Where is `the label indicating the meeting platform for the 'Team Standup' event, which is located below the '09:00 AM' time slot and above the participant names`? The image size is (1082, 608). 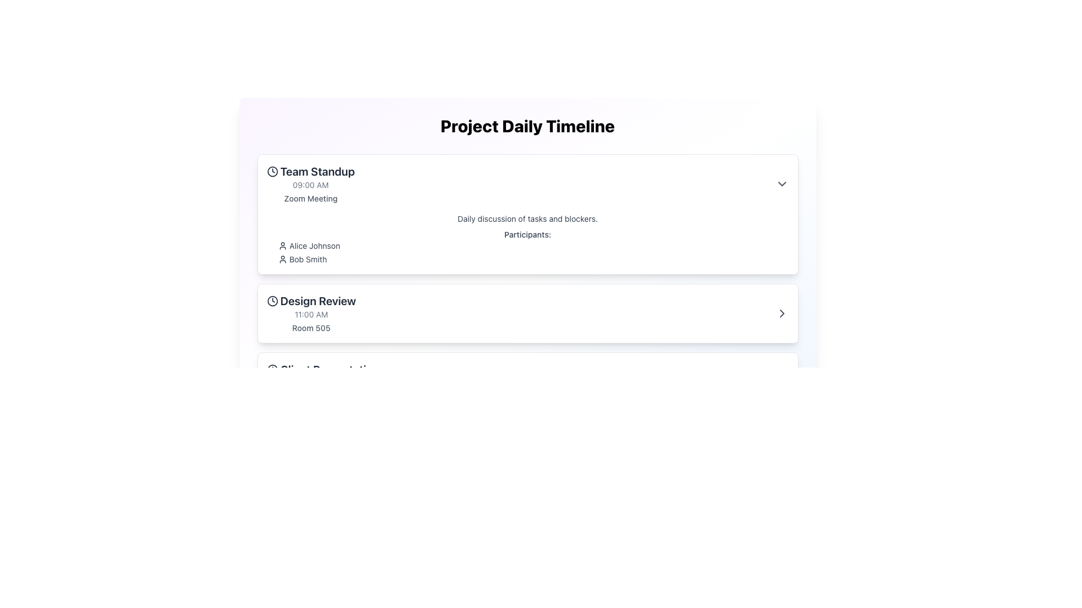
the label indicating the meeting platform for the 'Team Standup' event, which is located below the '09:00 AM' time slot and above the participant names is located at coordinates (311, 198).